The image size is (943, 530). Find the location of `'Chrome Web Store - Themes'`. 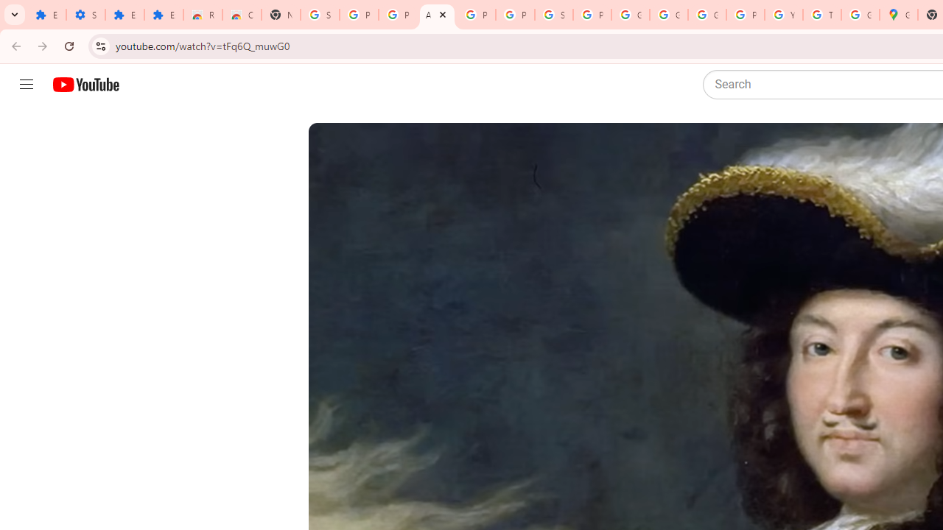

'Chrome Web Store - Themes' is located at coordinates (242, 15).